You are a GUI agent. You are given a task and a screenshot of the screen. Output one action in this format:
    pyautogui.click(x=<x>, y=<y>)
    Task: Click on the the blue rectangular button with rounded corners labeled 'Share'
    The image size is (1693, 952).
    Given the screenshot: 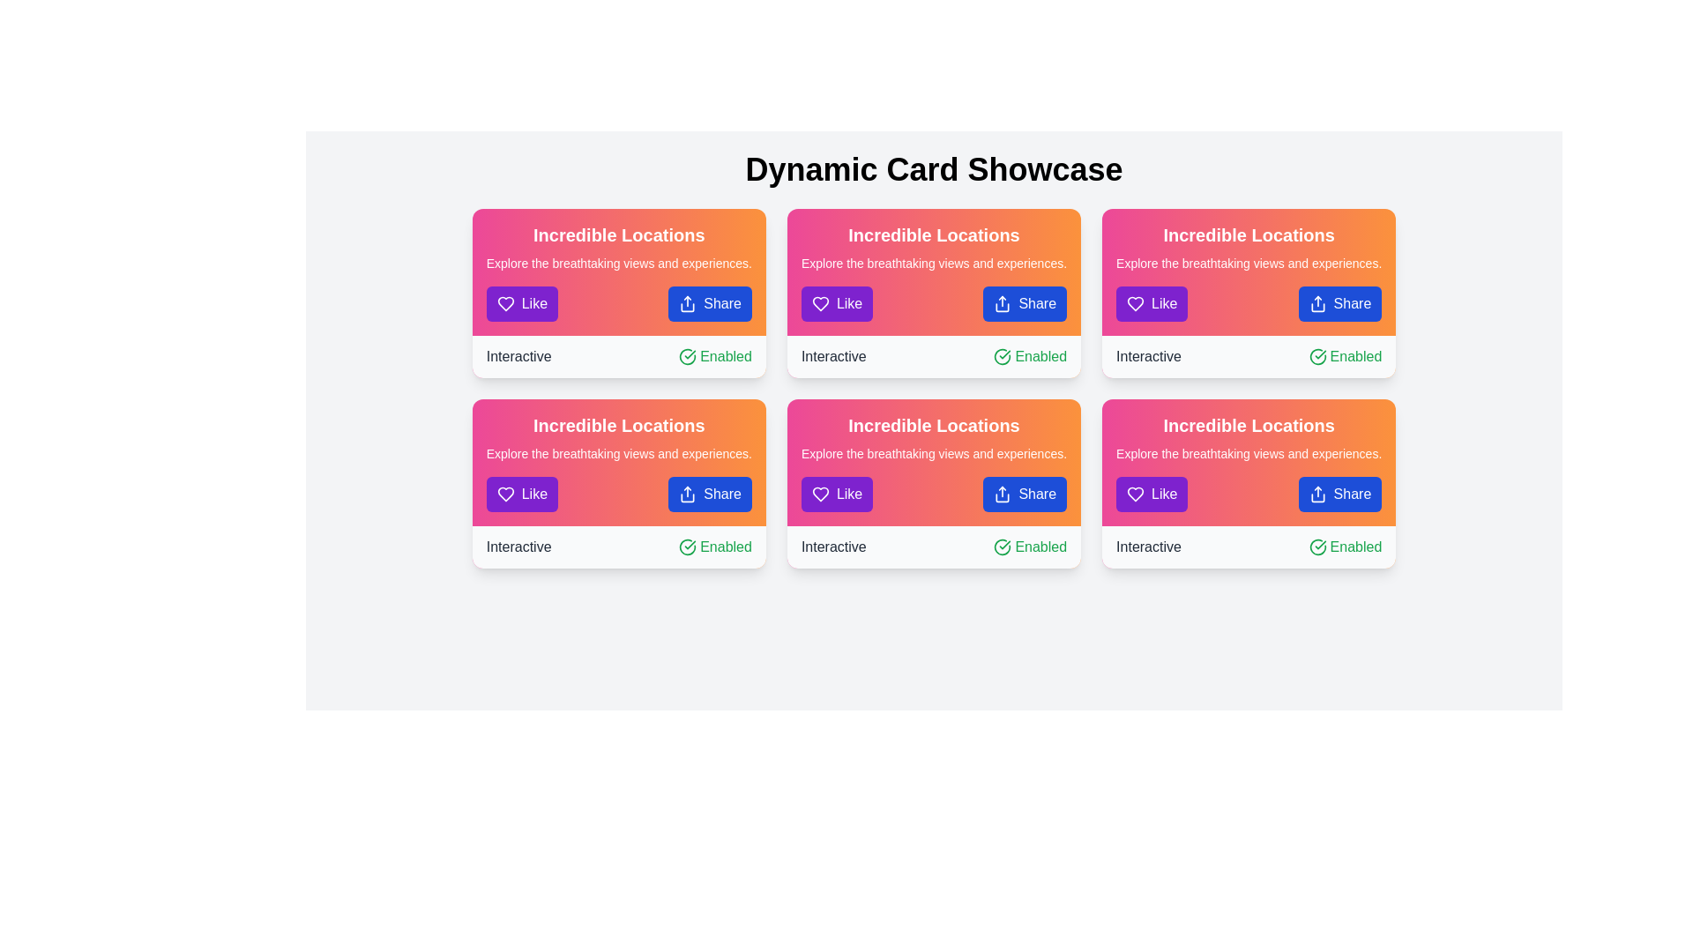 What is the action you would take?
    pyautogui.click(x=710, y=302)
    